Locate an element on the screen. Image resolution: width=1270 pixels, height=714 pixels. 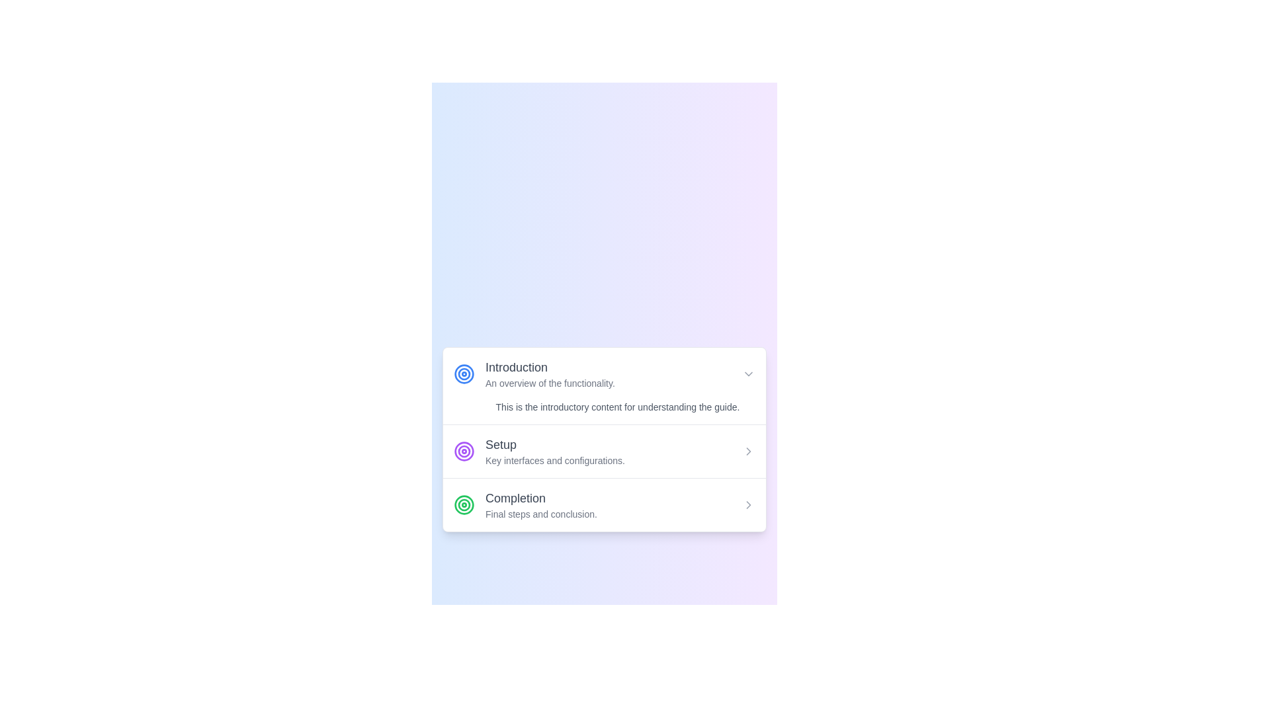
the Text Content Block that provides an overview of the 'Setup' guide section, located between 'Introduction' and 'Completion' with an icon on the left and an arrow on the right is located at coordinates (555, 450).